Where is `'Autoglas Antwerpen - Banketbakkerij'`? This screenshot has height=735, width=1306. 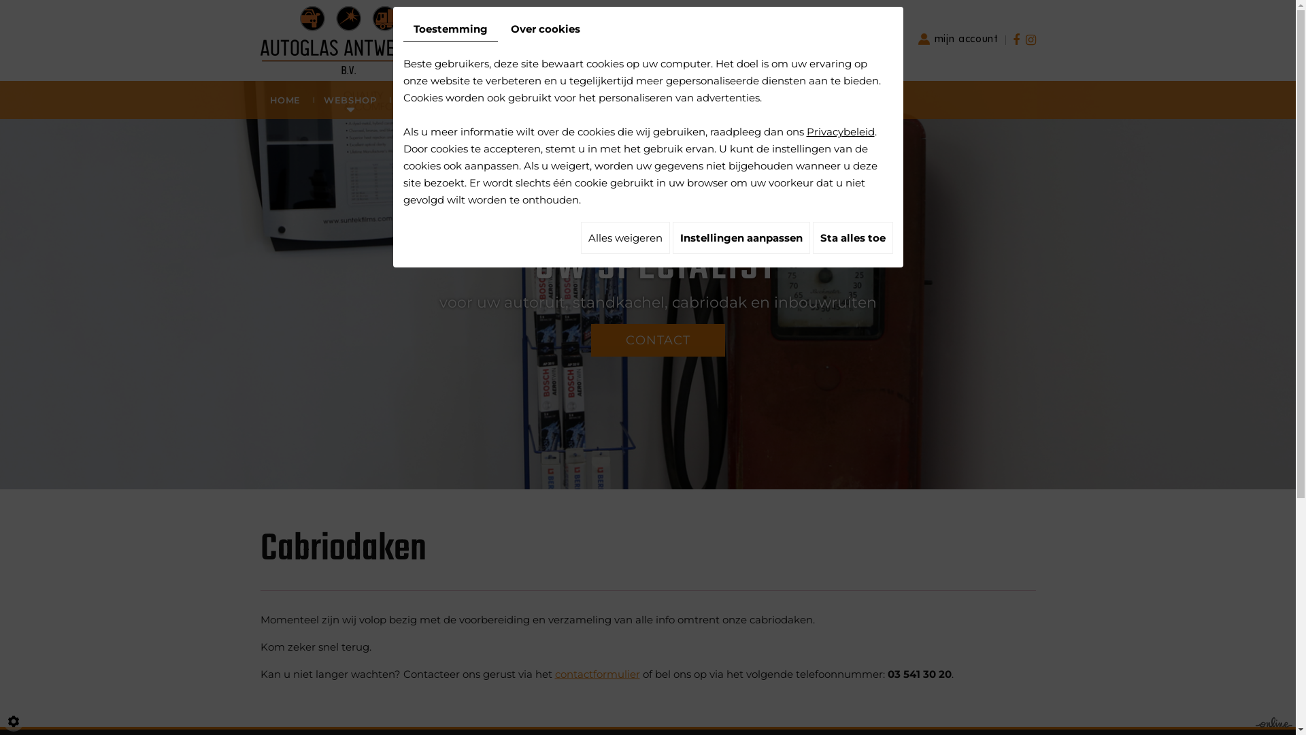
'Autoglas Antwerpen - Banketbakkerij' is located at coordinates (347, 38).